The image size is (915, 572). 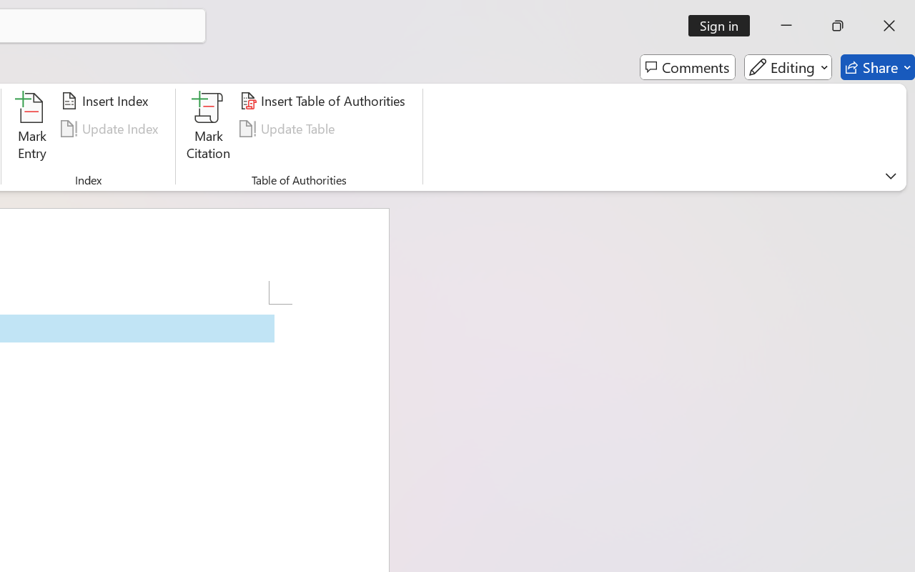 I want to click on 'Update Table', so click(x=289, y=128).